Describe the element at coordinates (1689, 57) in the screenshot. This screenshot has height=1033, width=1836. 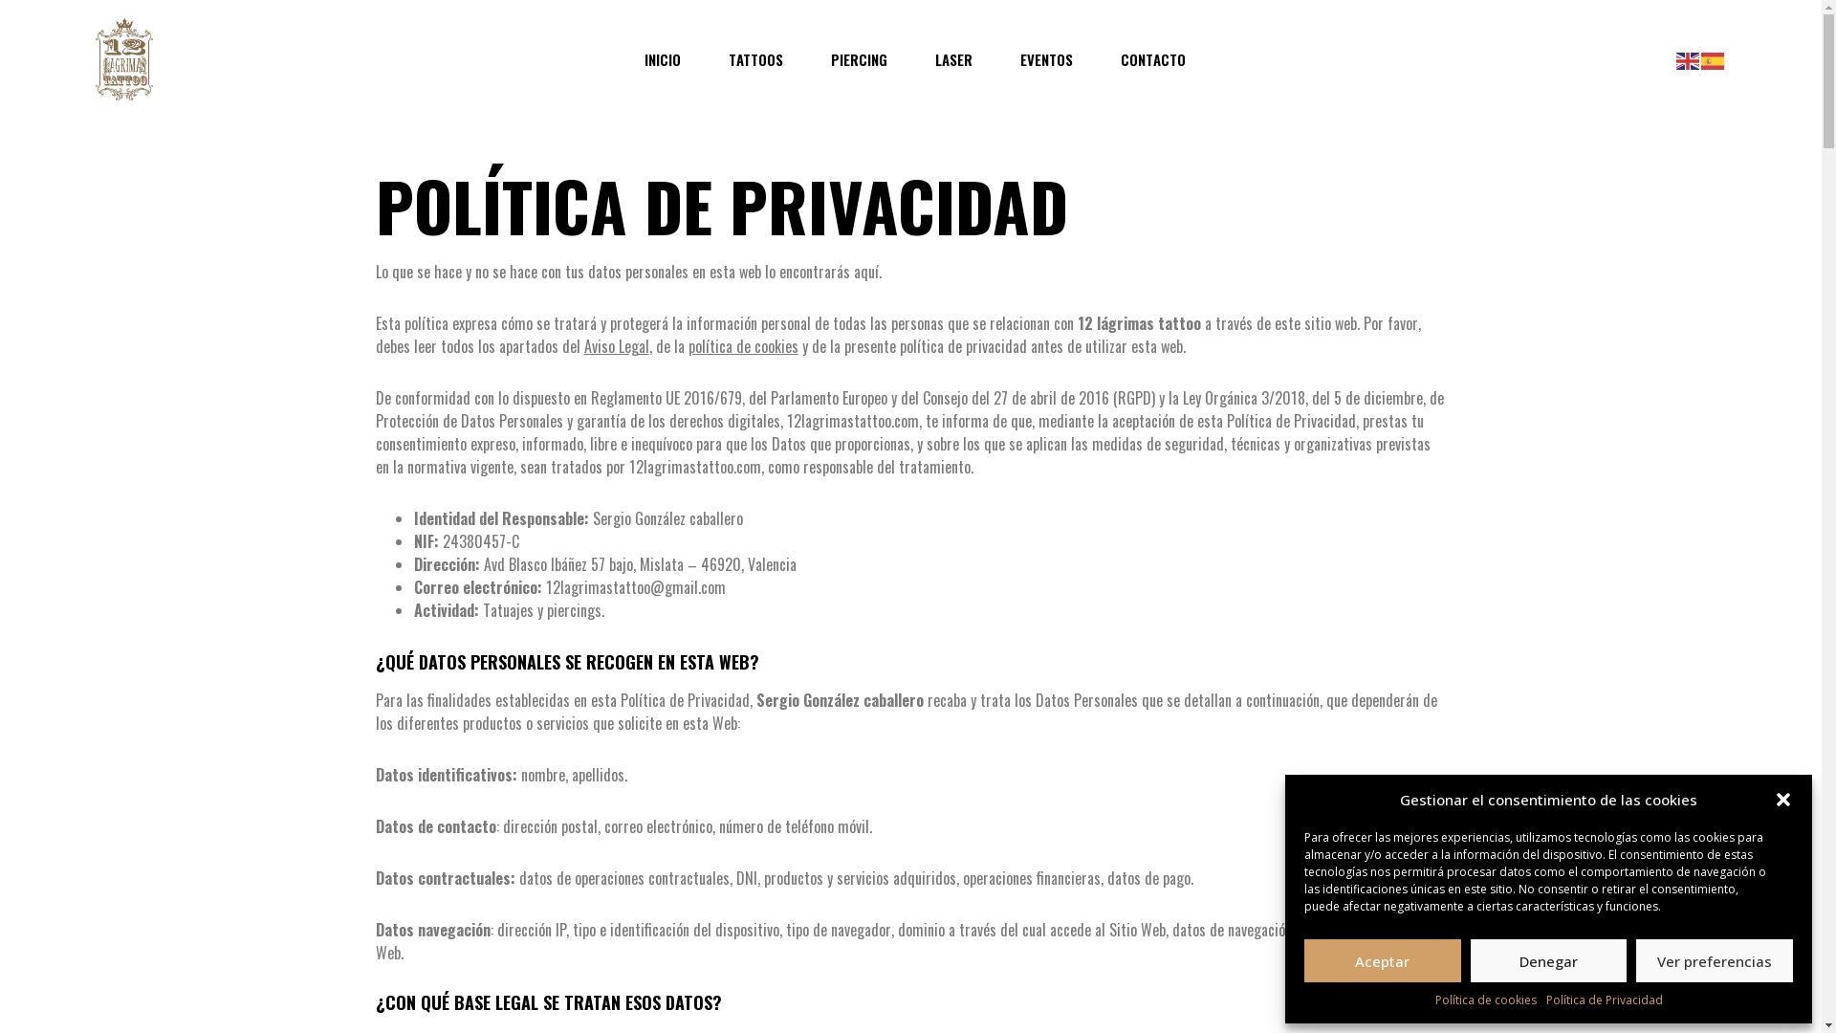
I see `'English'` at that location.